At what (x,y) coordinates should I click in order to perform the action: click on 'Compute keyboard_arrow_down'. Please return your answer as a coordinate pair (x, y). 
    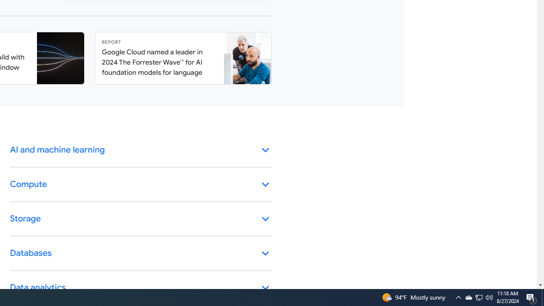
    Looking at the image, I should click on (141, 184).